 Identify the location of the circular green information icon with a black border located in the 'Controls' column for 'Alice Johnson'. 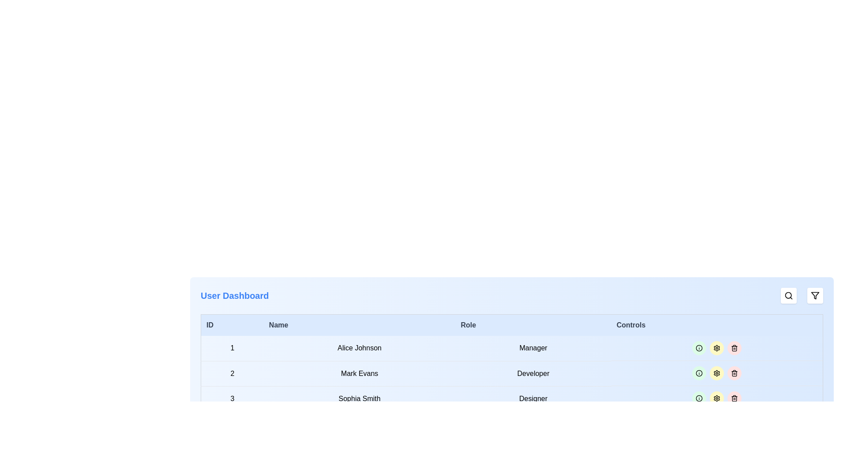
(699, 348).